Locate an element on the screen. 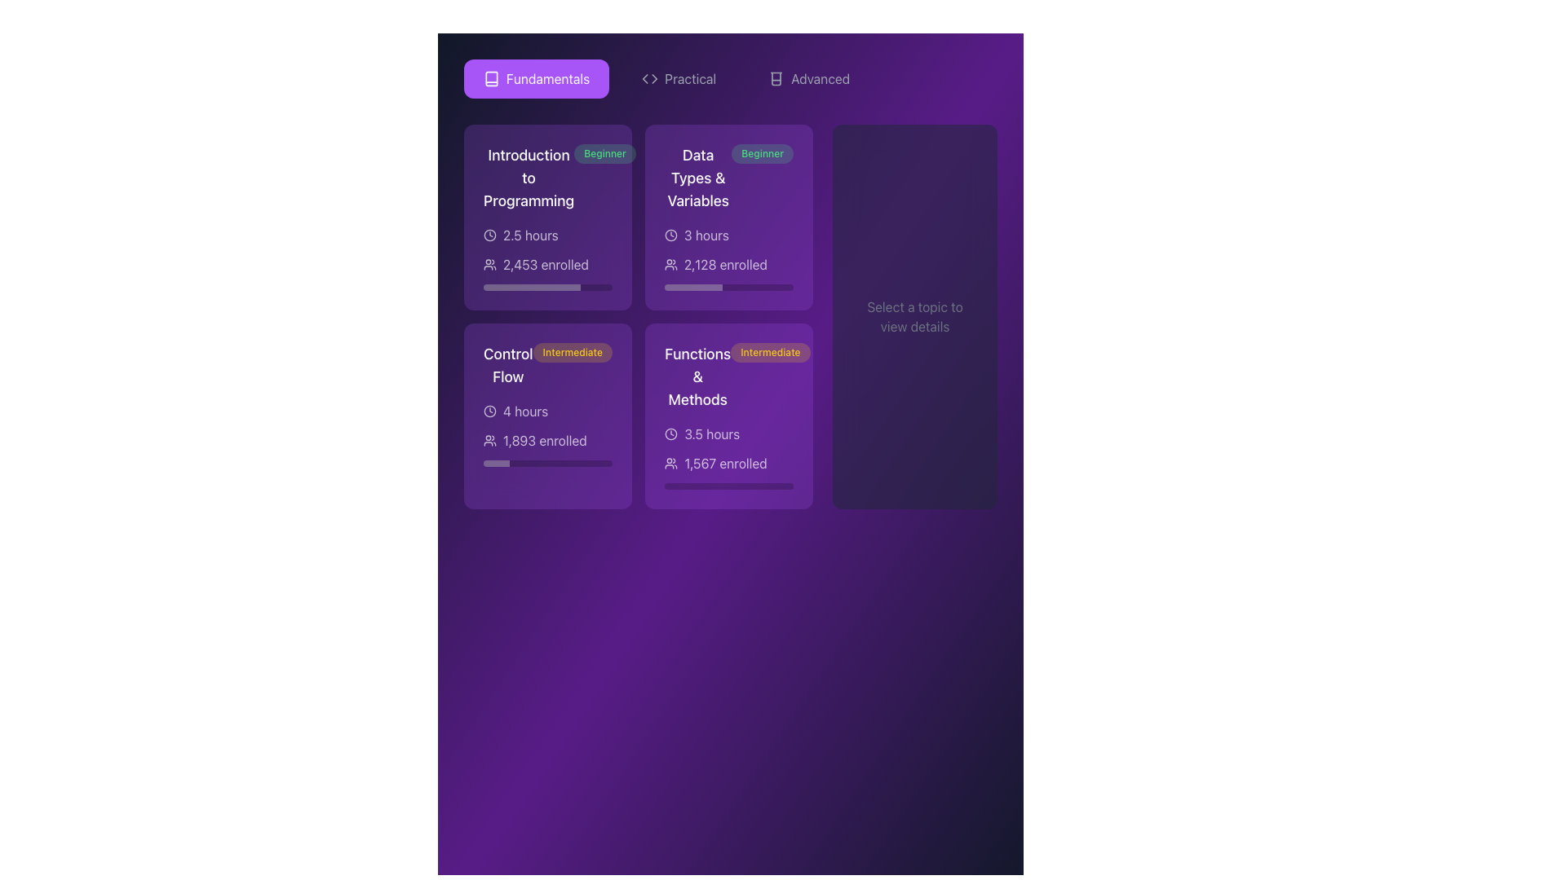  composite text label that indicates the title and difficulty level of the 'Control Flow' course, located at the center of the card in the second row and first column is located at coordinates (548, 364).